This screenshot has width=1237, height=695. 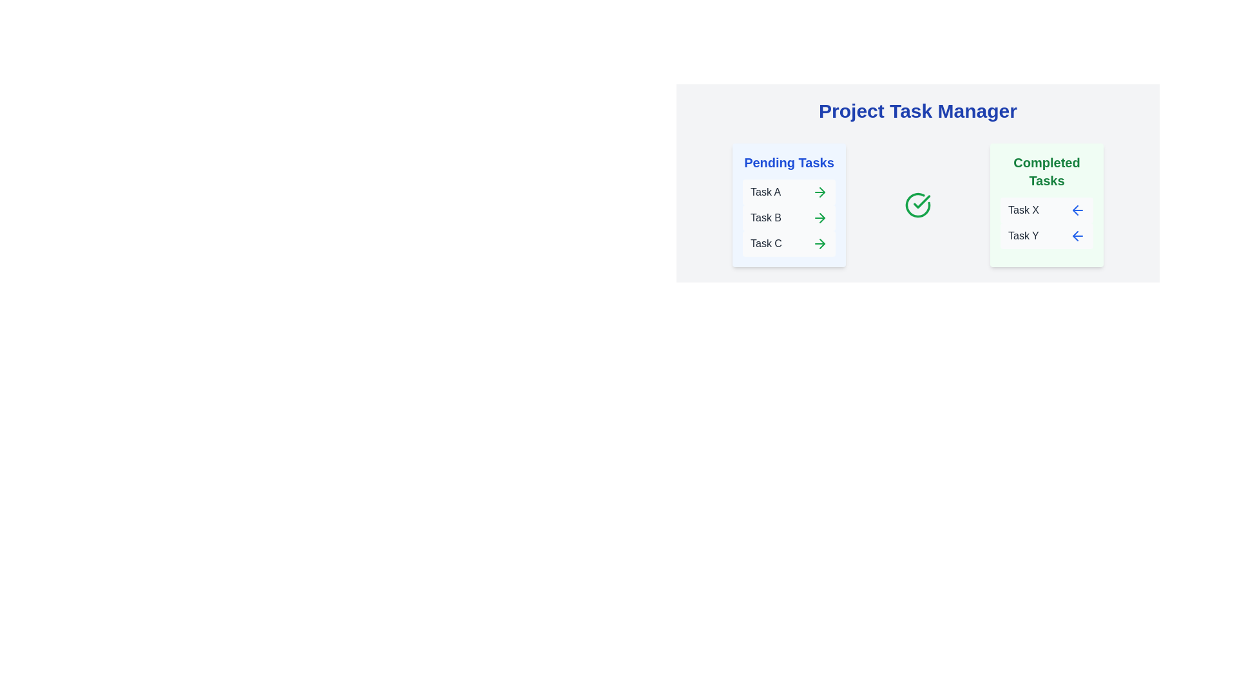 I want to click on right arrow button next to task Task A in the 'Pending Tasks' column to move it to 'Completed Tasks', so click(x=819, y=192).